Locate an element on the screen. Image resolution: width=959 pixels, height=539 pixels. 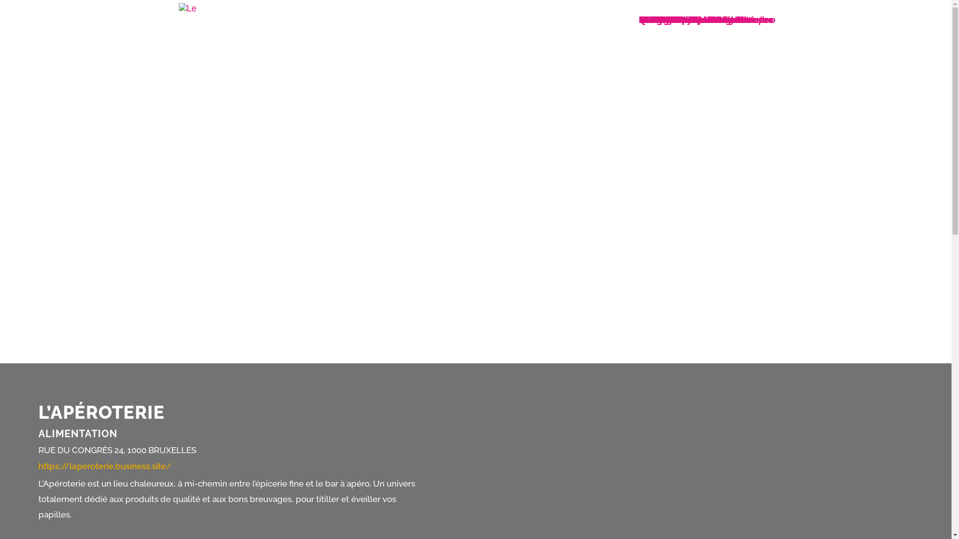
'Notre-Dame-aux-Neiges' is located at coordinates (689, 19).